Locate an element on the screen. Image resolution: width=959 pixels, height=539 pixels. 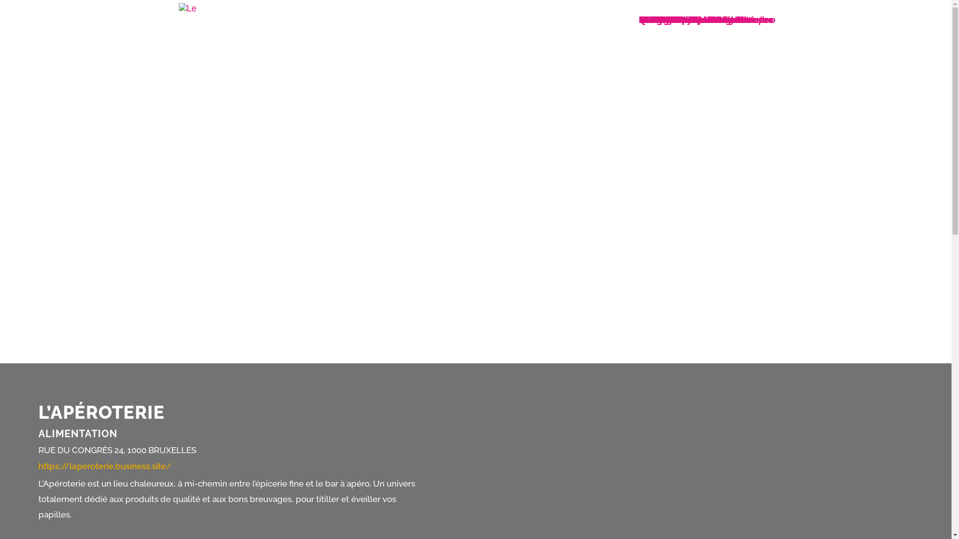
'Notre-Dame-aux-Neiges' is located at coordinates (689, 19).